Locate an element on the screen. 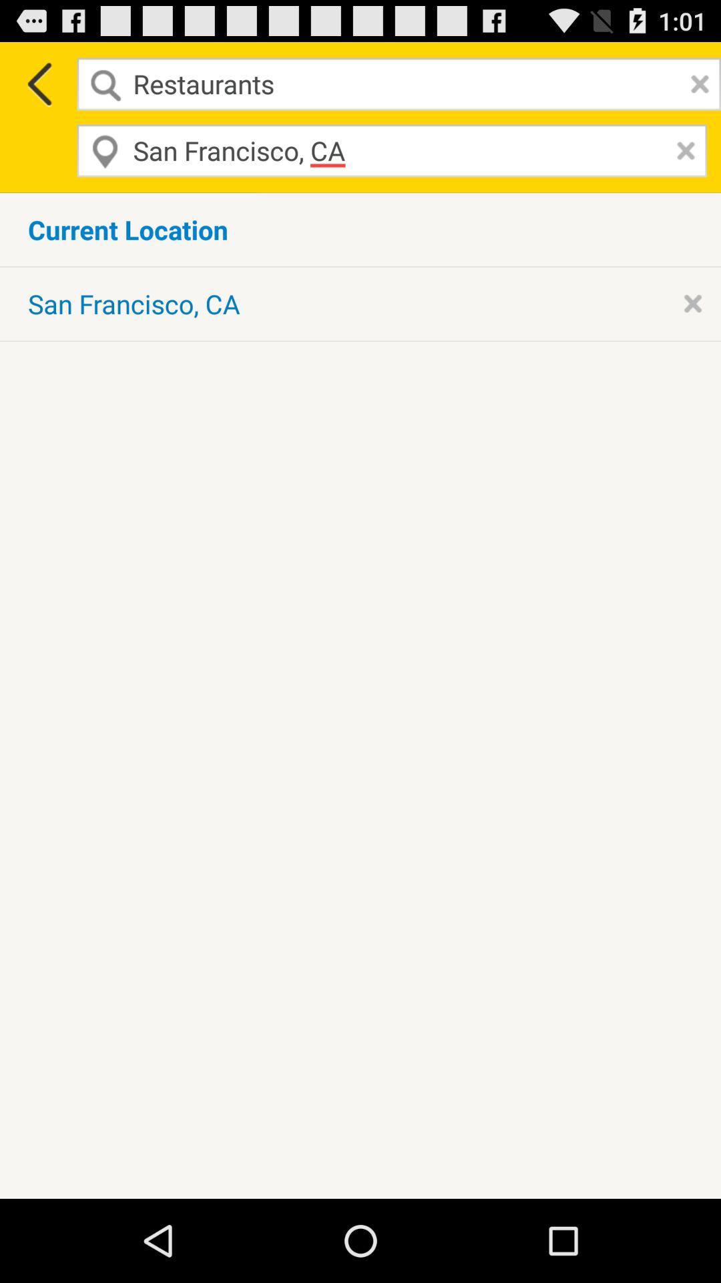 Image resolution: width=721 pixels, height=1283 pixels. cancel search is located at coordinates (696, 83).